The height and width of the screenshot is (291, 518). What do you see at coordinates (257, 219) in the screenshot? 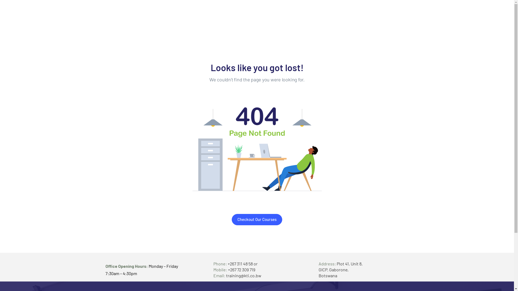
I see `'Checkout Our Courses'` at bounding box center [257, 219].